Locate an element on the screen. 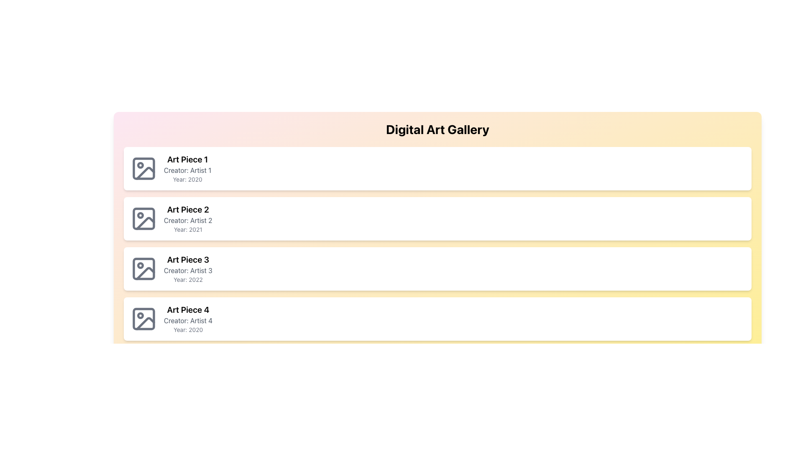 The width and height of the screenshot is (803, 451). the decorative icon associated with 'Art Piece 3', located to the left of the title, creator, and year details is located at coordinates (144, 269).